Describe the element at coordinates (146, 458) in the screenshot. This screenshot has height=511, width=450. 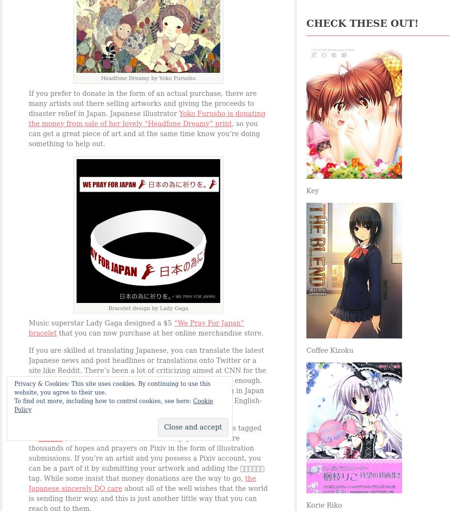
I see `'(Nihon Ganbatte) or “Good Luck, Japan”. There are thousands of hopes and prayers on Pixiv in the form of illustration submissions. If you’re an artist and you possess a Pixiv account, you can be a part of it by submitting your artwork and adding the 日本頑張って tag. While some insist that money donations are the way to go,'` at that location.